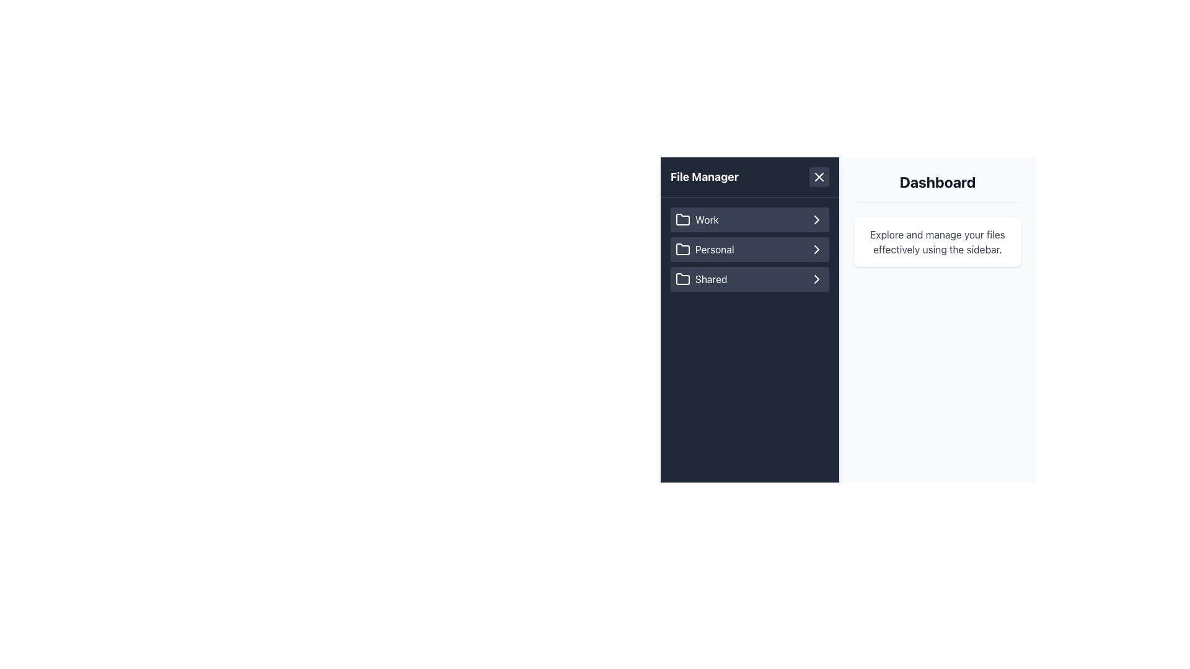 Image resolution: width=1190 pixels, height=669 pixels. Describe the element at coordinates (682, 248) in the screenshot. I see `the second folder icon labeled 'Personal' in the 'File Manager' section, which has a rectangular shape with a folded tab design` at that location.